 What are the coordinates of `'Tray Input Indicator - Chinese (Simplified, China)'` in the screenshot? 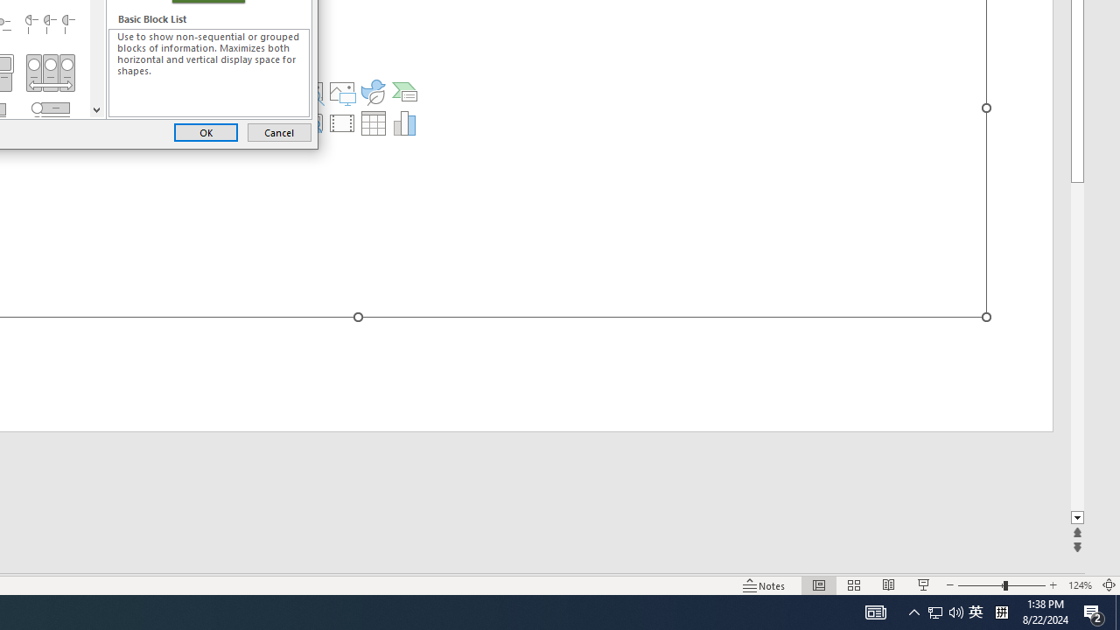 It's located at (1001, 611).